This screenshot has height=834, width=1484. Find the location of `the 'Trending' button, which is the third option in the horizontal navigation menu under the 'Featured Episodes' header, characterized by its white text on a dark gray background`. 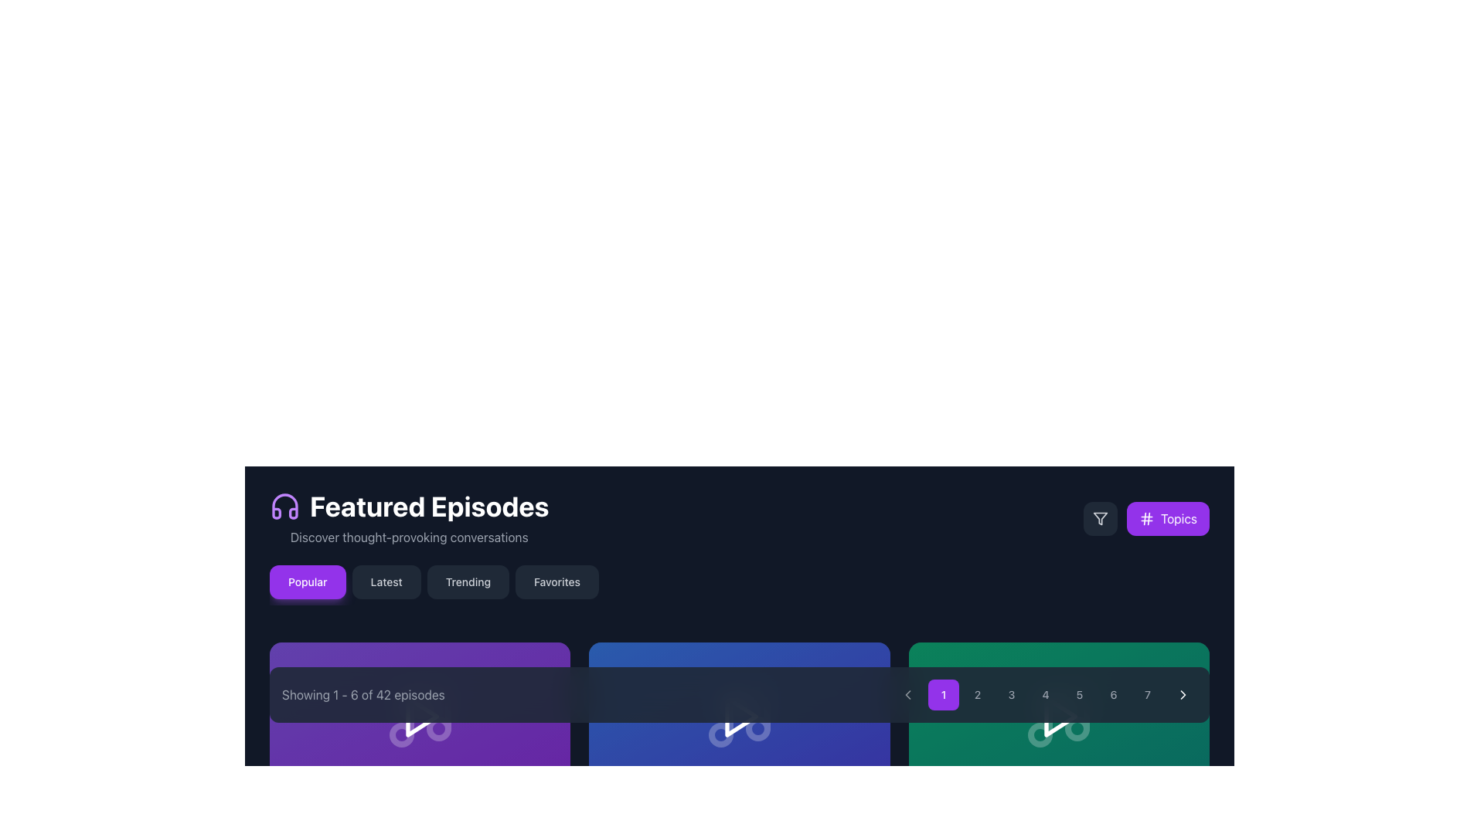

the 'Trending' button, which is the third option in the horizontal navigation menu under the 'Featured Episodes' header, characterized by its white text on a dark gray background is located at coordinates (467, 581).